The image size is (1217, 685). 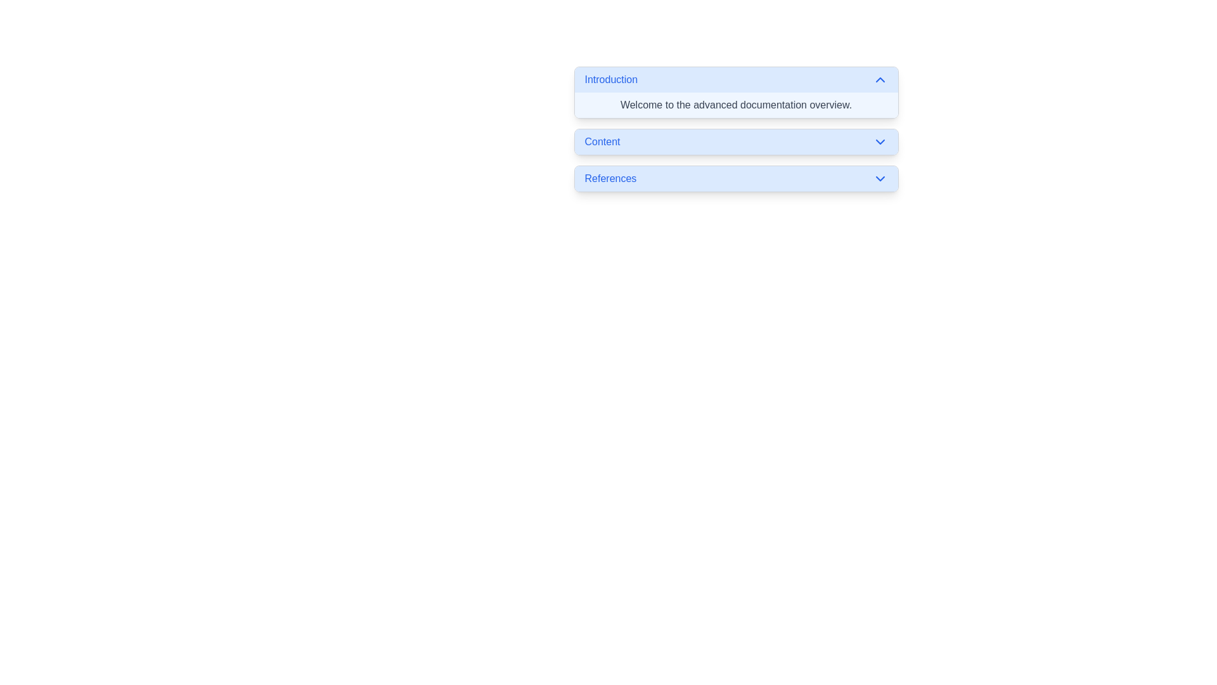 What do you see at coordinates (602, 141) in the screenshot?
I see `the text label displaying 'Content'` at bounding box center [602, 141].